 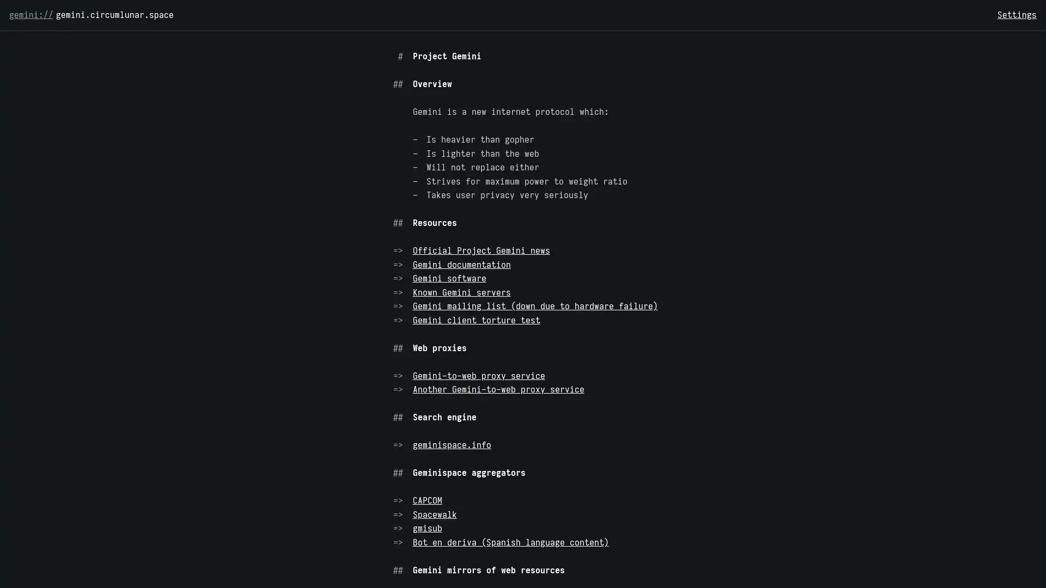 What do you see at coordinates (1017, 15) in the screenshot?
I see `Settings` at bounding box center [1017, 15].